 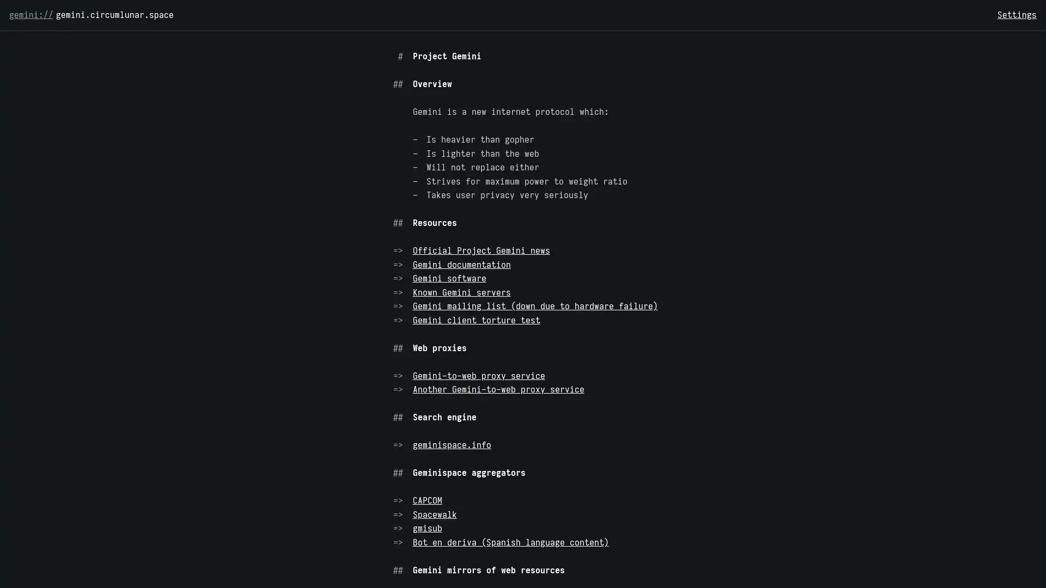 What do you see at coordinates (1017, 15) in the screenshot?
I see `Settings` at bounding box center [1017, 15].